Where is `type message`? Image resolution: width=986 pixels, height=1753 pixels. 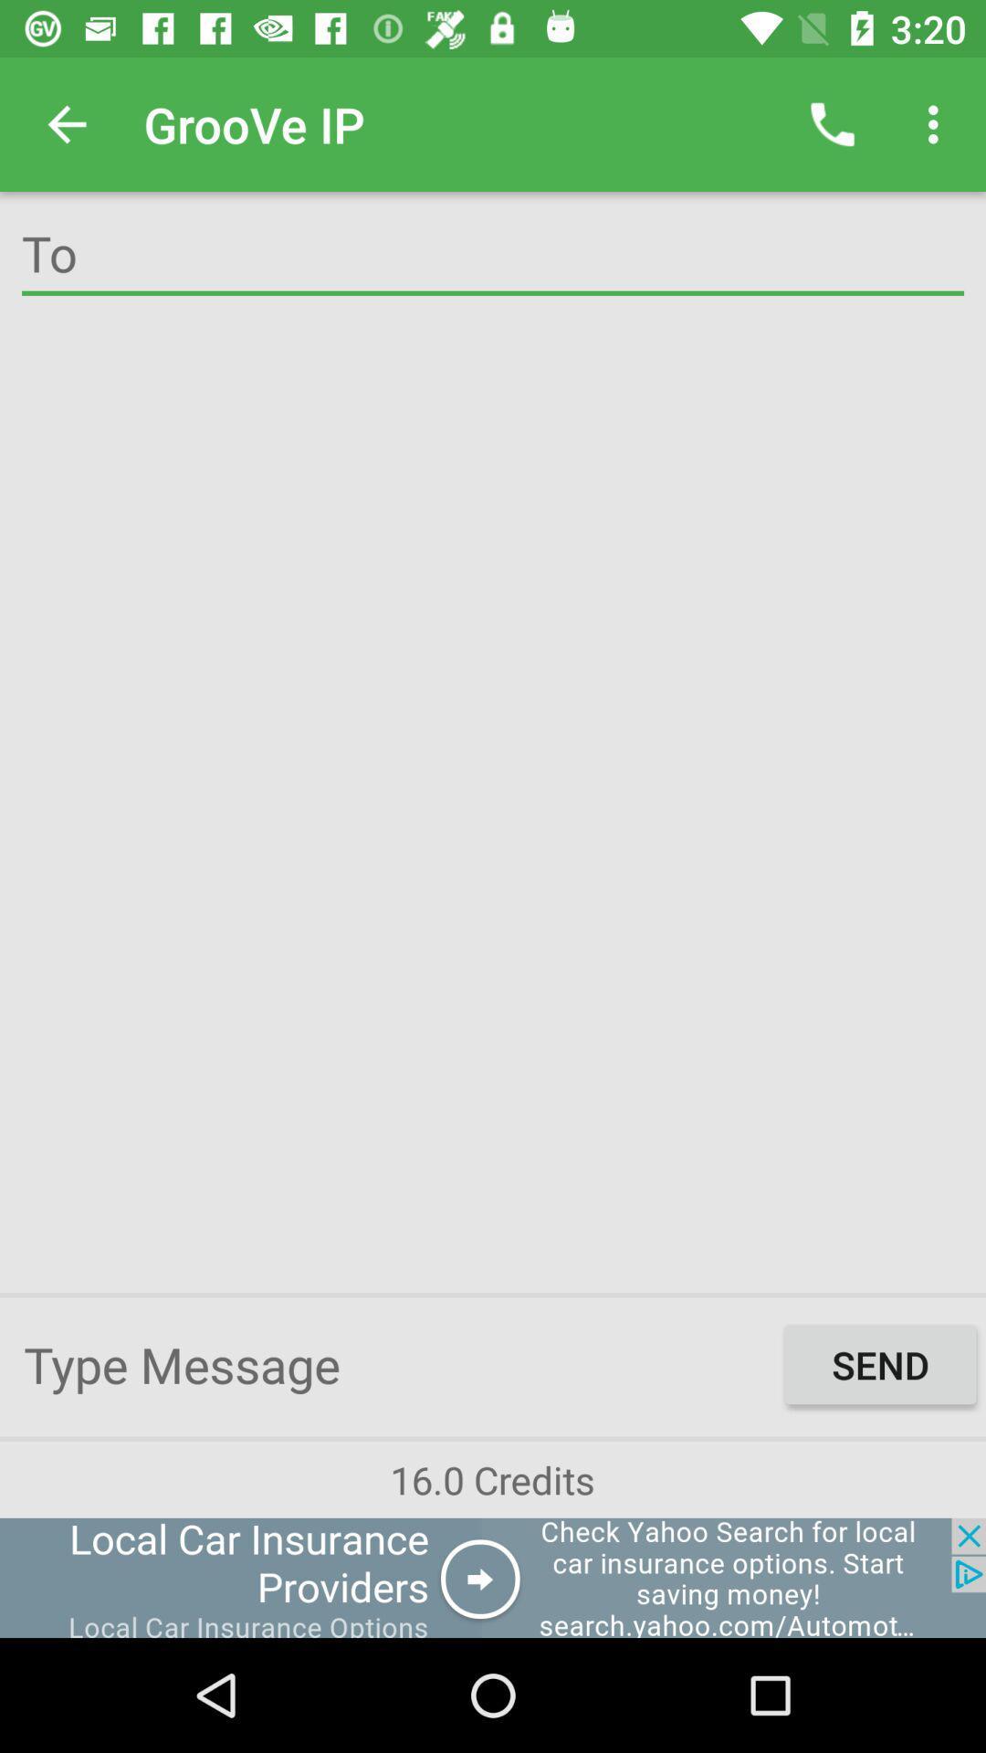 type message is located at coordinates (398, 1364).